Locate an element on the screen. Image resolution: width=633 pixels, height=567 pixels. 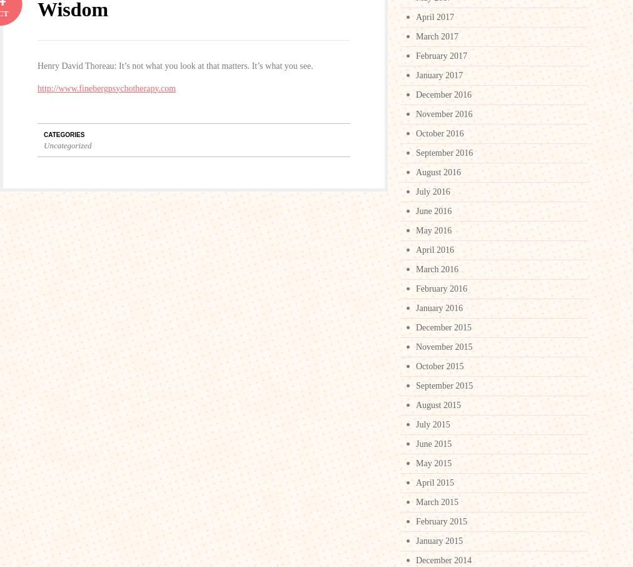
'February 2015' is located at coordinates (441, 521).